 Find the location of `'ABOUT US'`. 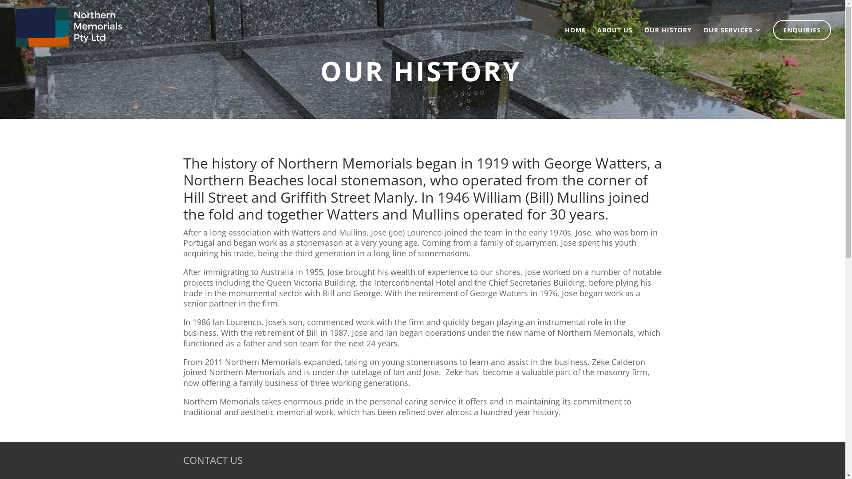

'ABOUT US' is located at coordinates (615, 40).